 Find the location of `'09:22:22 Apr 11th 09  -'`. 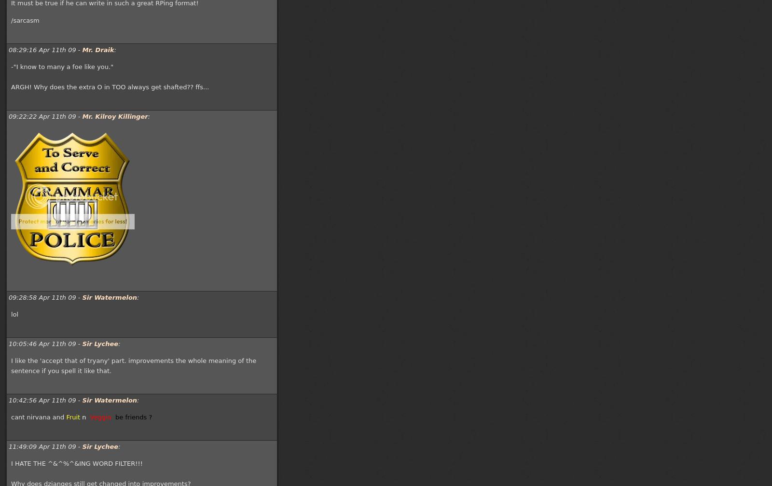

'09:22:22 Apr 11th 09  -' is located at coordinates (44, 116).